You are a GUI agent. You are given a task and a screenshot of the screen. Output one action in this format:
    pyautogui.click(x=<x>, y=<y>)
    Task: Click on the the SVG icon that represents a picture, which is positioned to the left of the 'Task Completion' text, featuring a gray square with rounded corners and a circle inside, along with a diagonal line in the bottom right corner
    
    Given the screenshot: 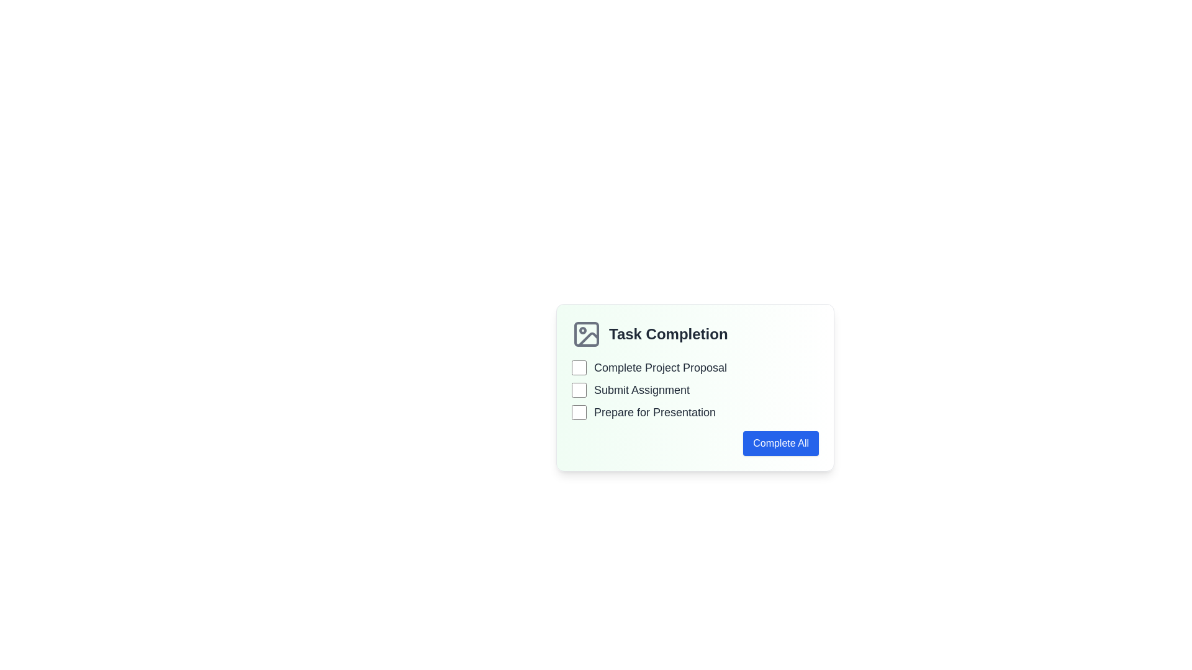 What is the action you would take?
    pyautogui.click(x=586, y=334)
    